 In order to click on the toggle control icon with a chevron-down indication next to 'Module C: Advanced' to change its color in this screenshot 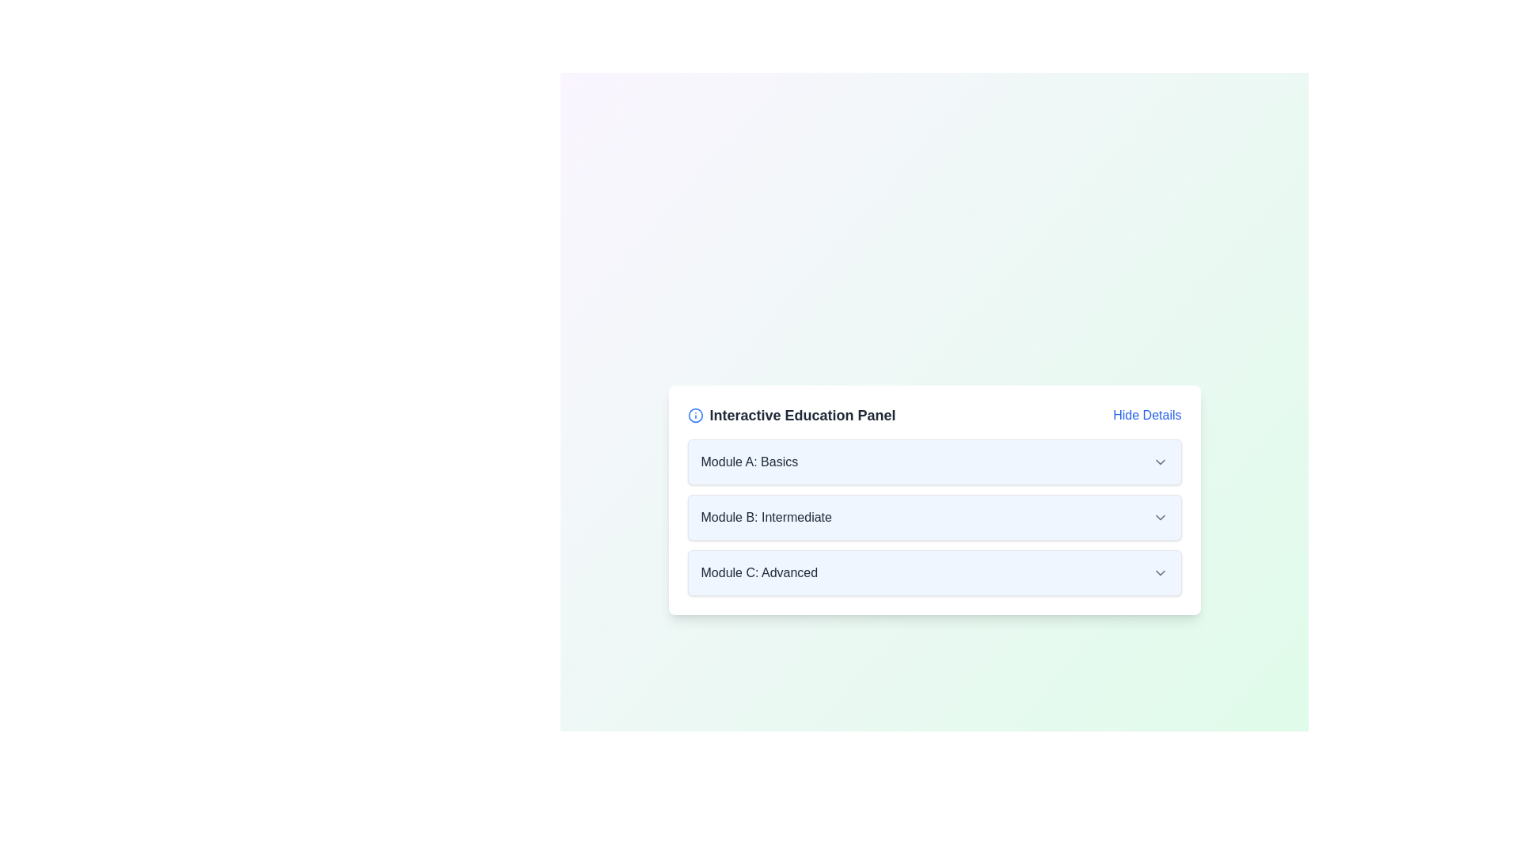, I will do `click(1160, 573)`.